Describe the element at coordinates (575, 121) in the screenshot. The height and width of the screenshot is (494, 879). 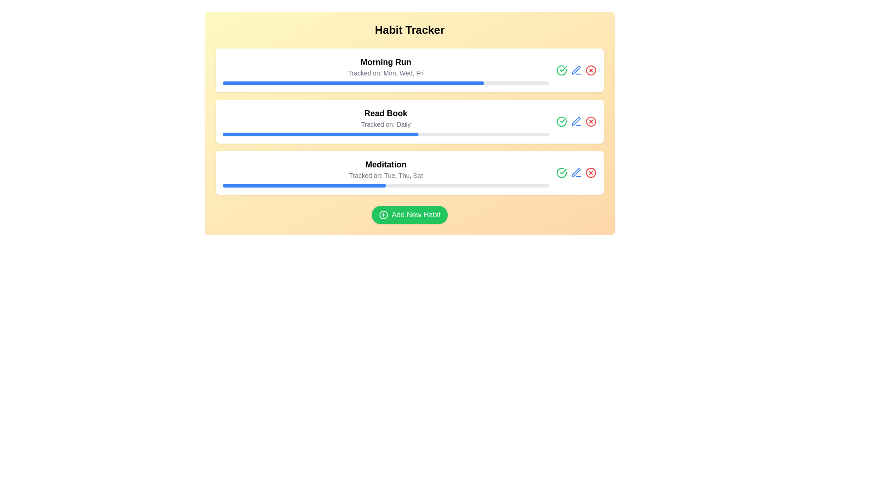
I see `the Icon button located at the end of the 'Read Book' habit tracker card to activate keyboard interaction` at that location.